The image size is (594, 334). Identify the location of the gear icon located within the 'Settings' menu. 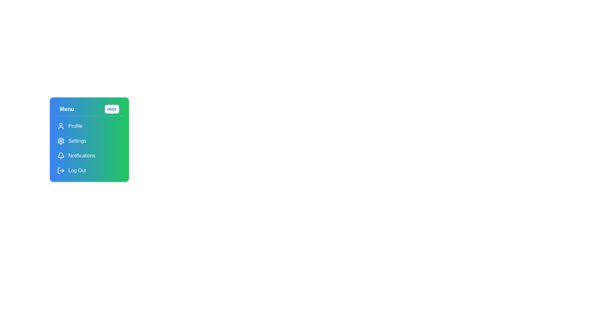
(61, 141).